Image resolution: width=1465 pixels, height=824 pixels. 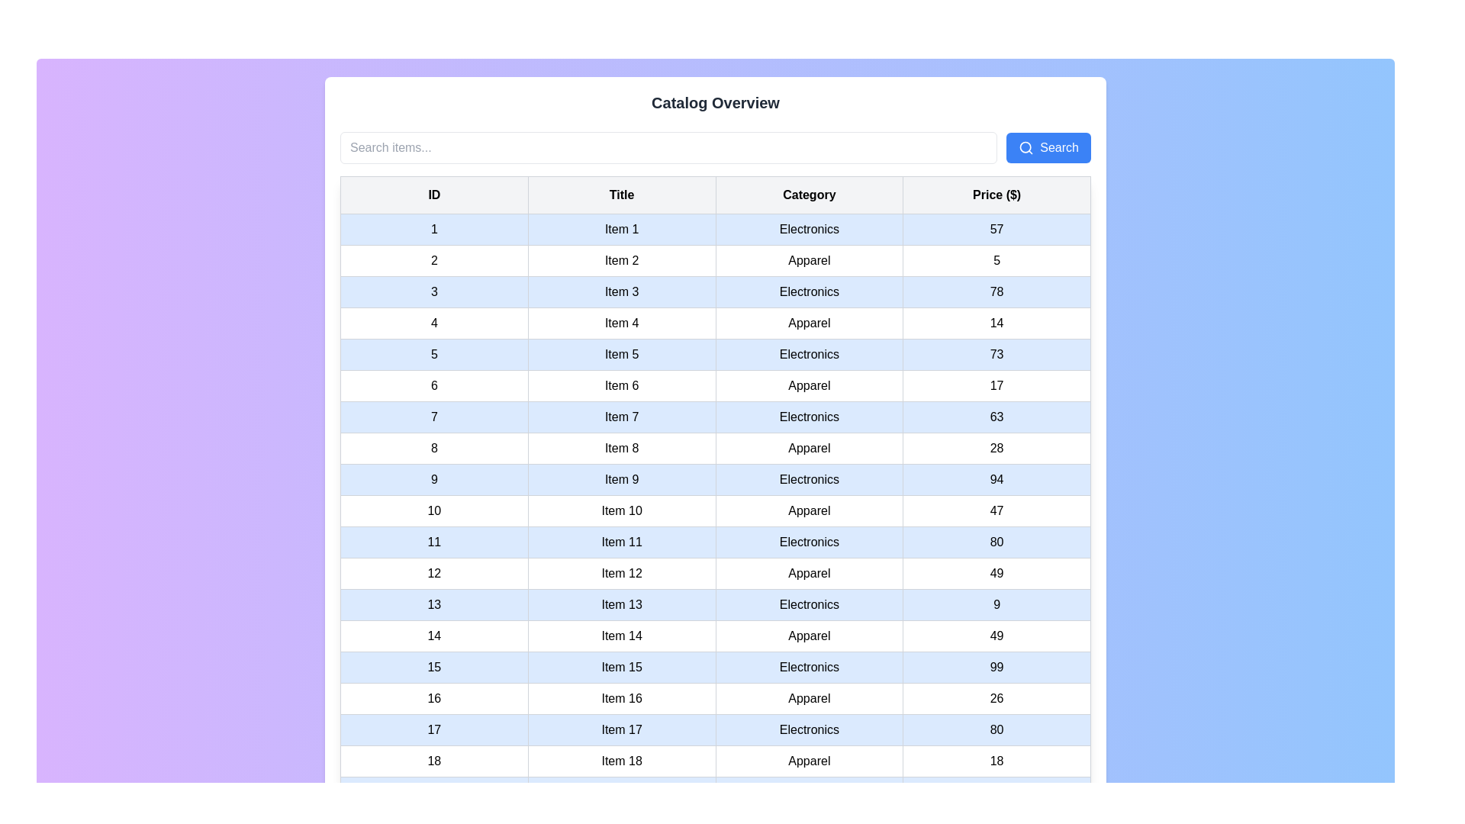 I want to click on the 'Catalog Overview' text label, which is a bold and centered header in dark gray located near the top of the interface, so click(x=714, y=103).